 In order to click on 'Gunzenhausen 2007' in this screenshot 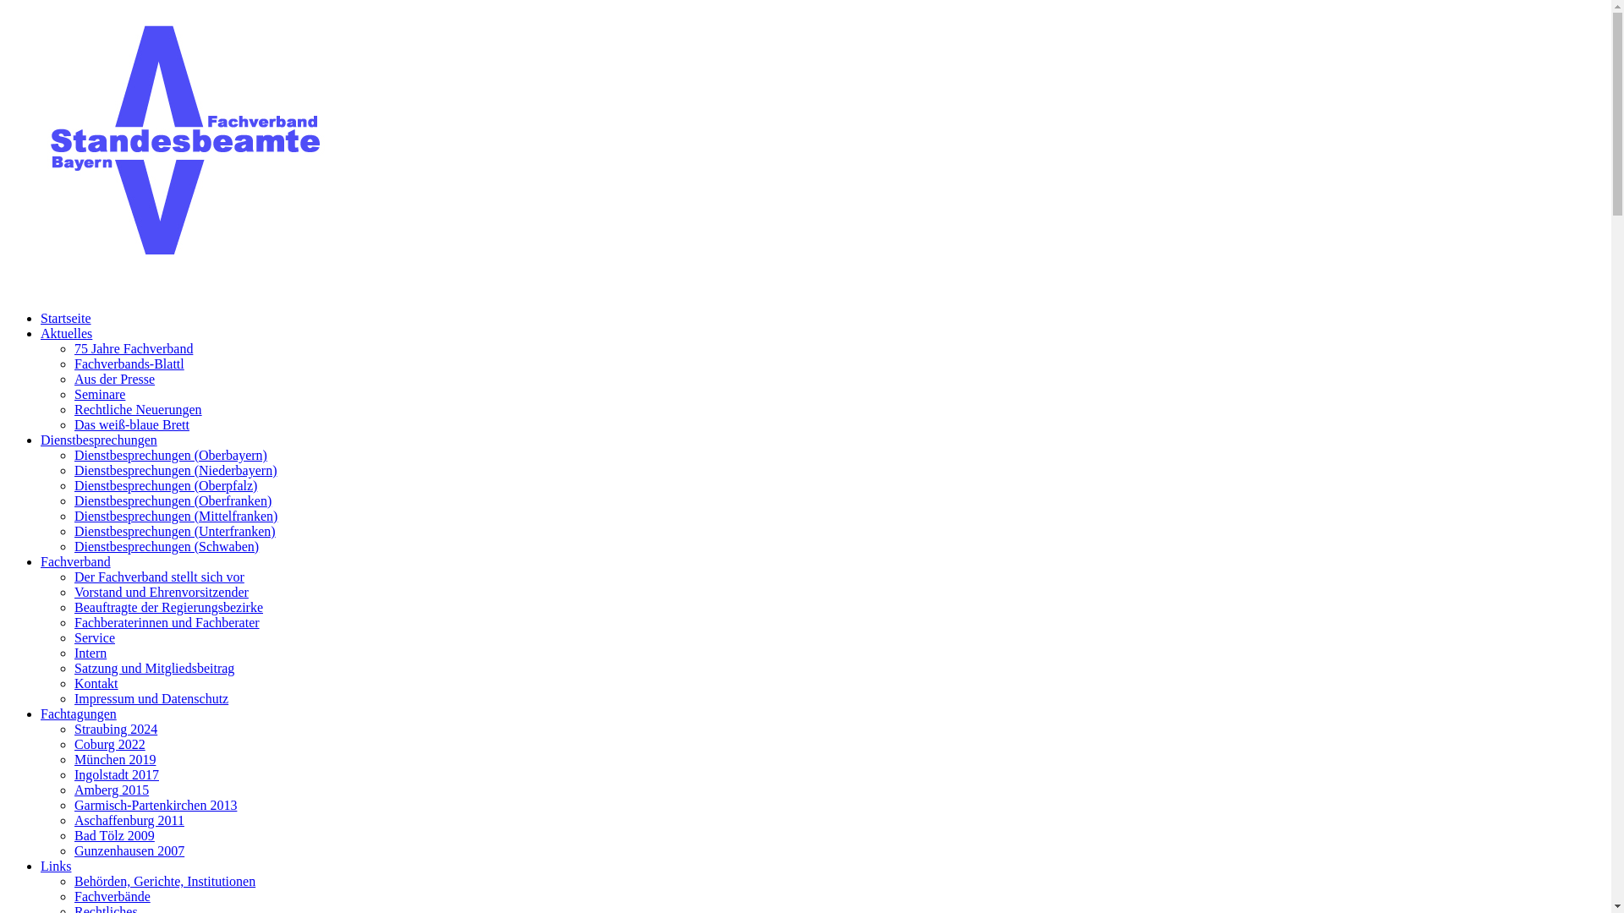, I will do `click(129, 850)`.